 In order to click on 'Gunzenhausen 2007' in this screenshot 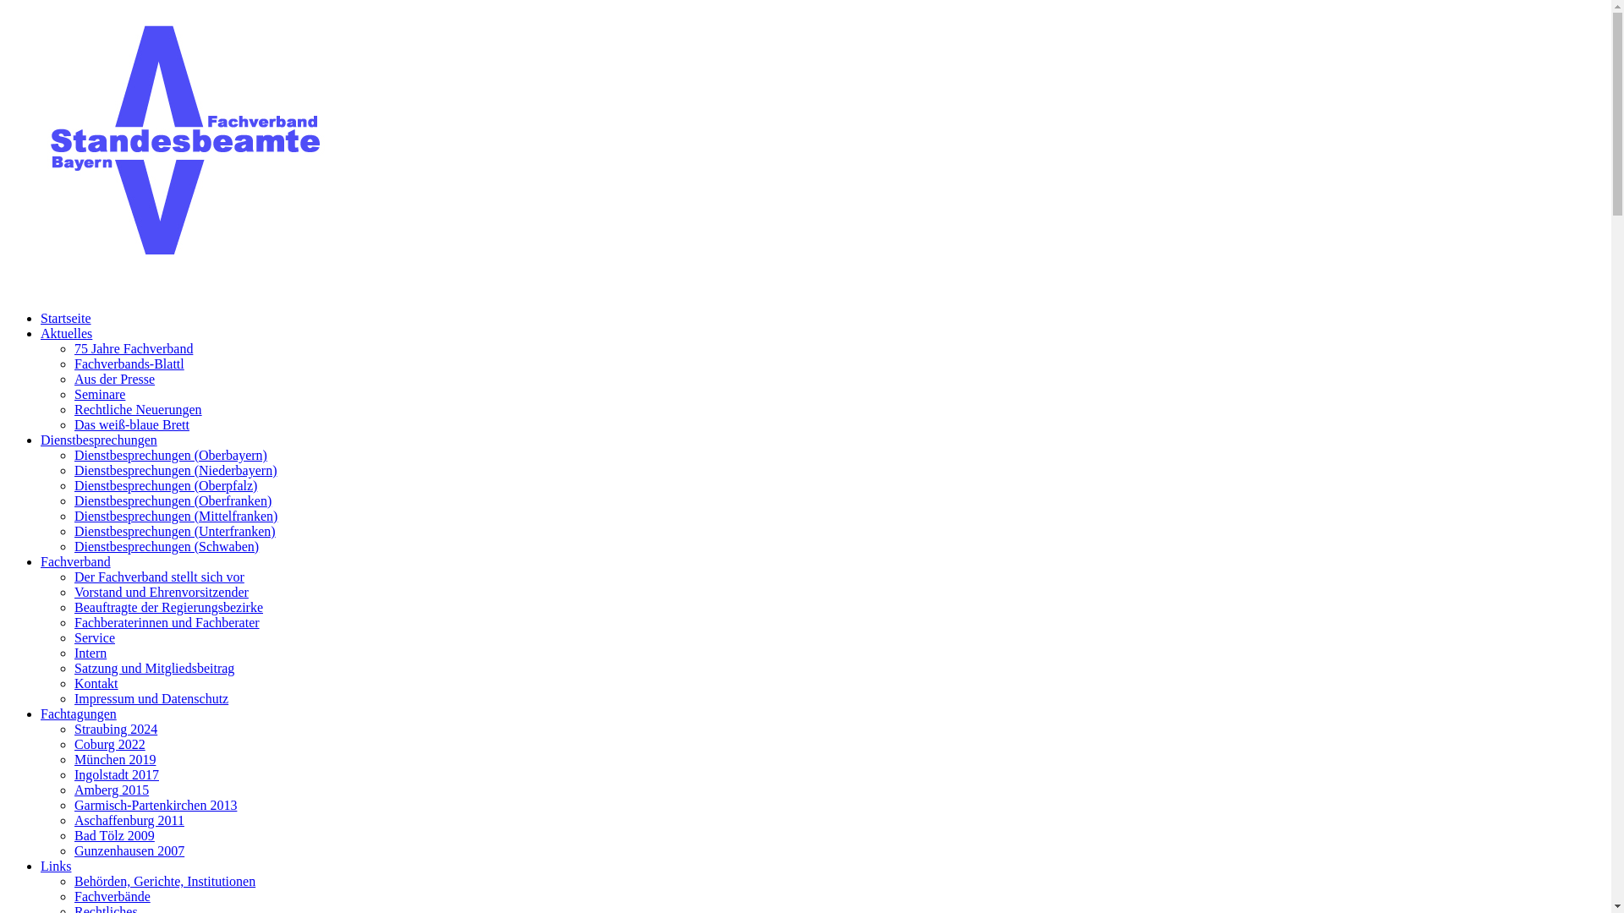, I will do `click(129, 850)`.